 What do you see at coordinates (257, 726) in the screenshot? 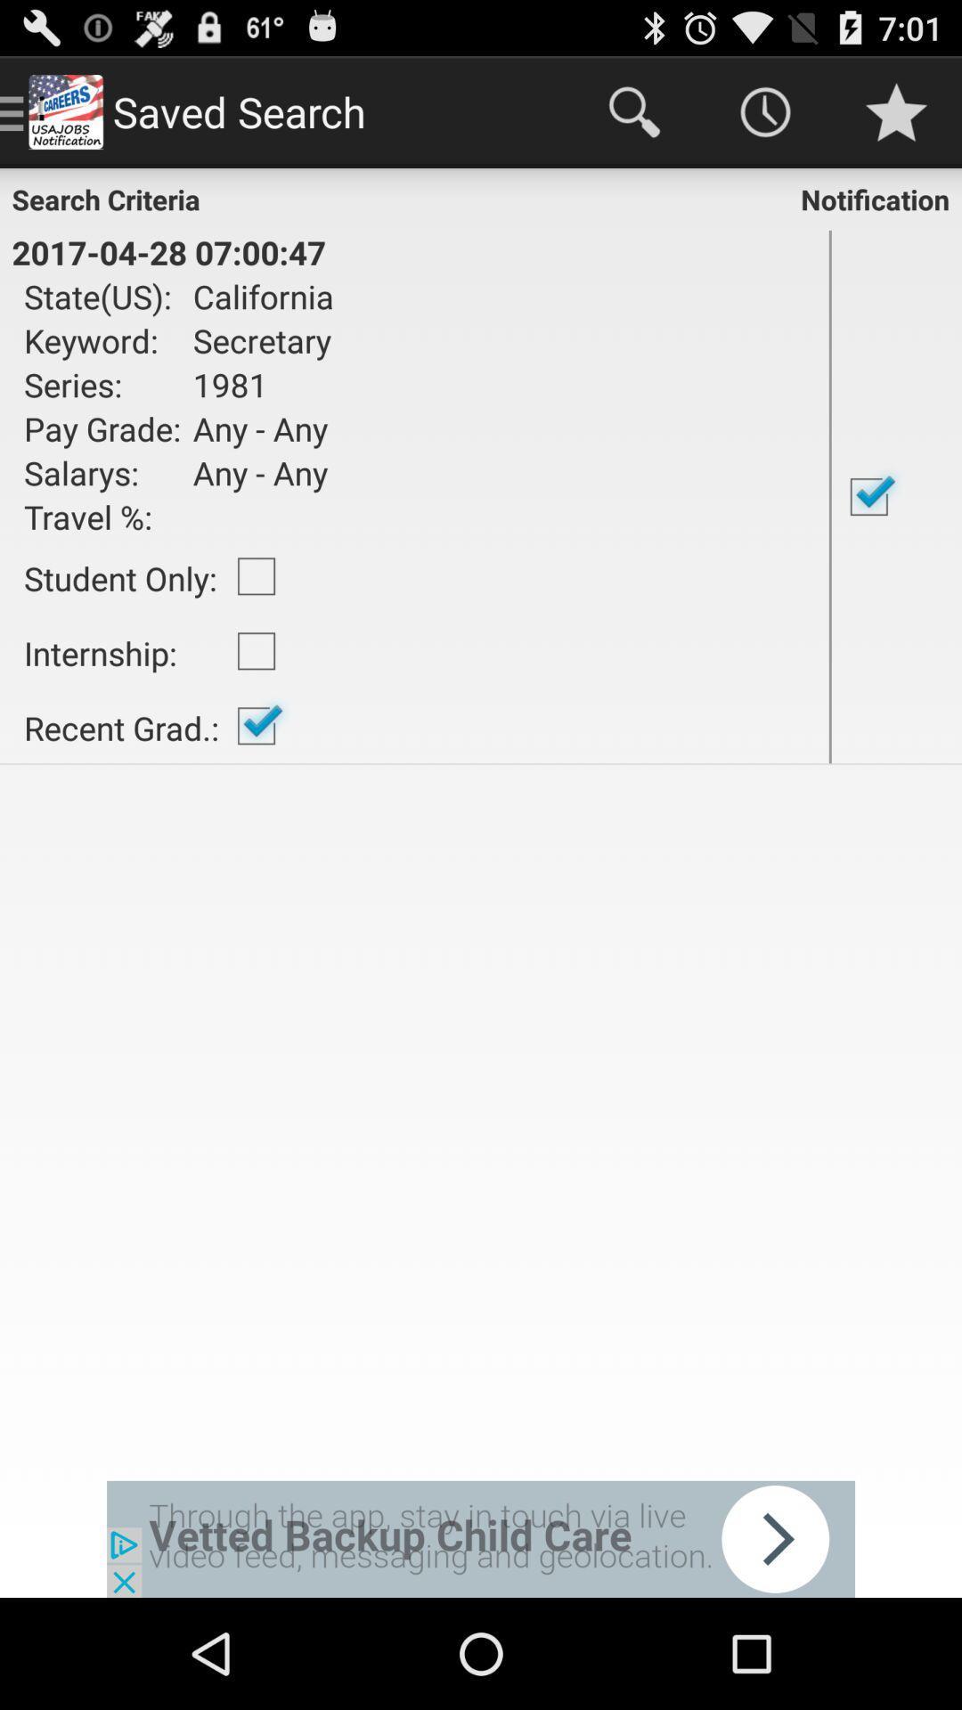
I see `icon to the right of the internship:` at bounding box center [257, 726].